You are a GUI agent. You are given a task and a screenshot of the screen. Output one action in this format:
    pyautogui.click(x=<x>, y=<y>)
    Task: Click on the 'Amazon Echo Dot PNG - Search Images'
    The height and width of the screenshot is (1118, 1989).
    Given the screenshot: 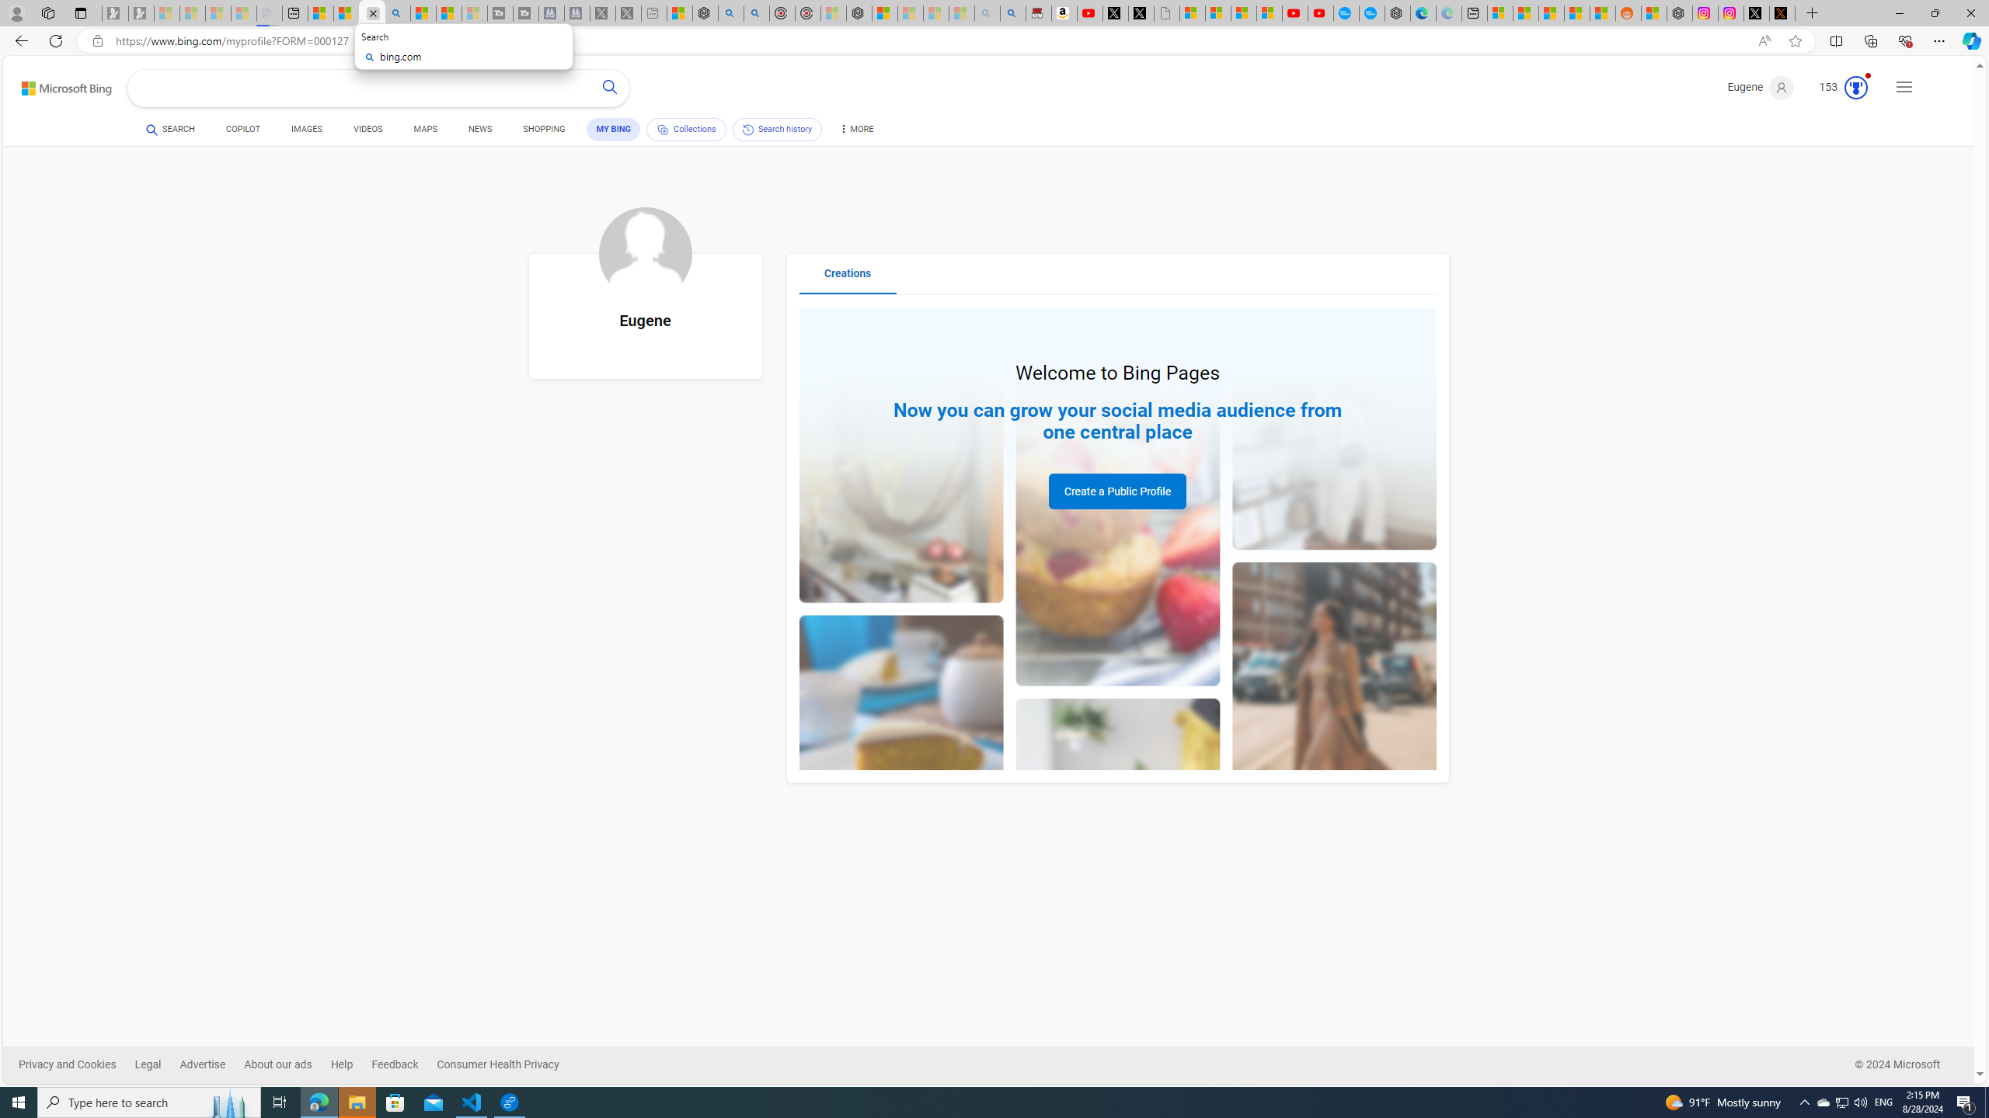 What is the action you would take?
    pyautogui.click(x=1013, y=12)
    